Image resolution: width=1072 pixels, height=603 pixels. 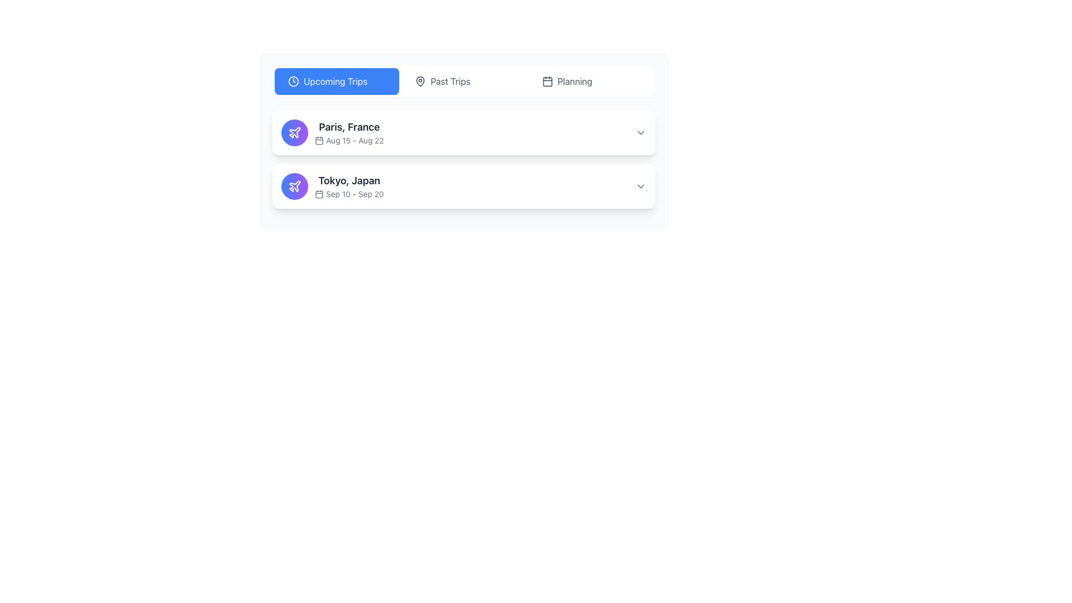 What do you see at coordinates (295, 132) in the screenshot?
I see `the flight/travel icon associated with the second trip entry (Tokyo, Japan) in the list of upcoming trips by moving the cursor to its center point` at bounding box center [295, 132].